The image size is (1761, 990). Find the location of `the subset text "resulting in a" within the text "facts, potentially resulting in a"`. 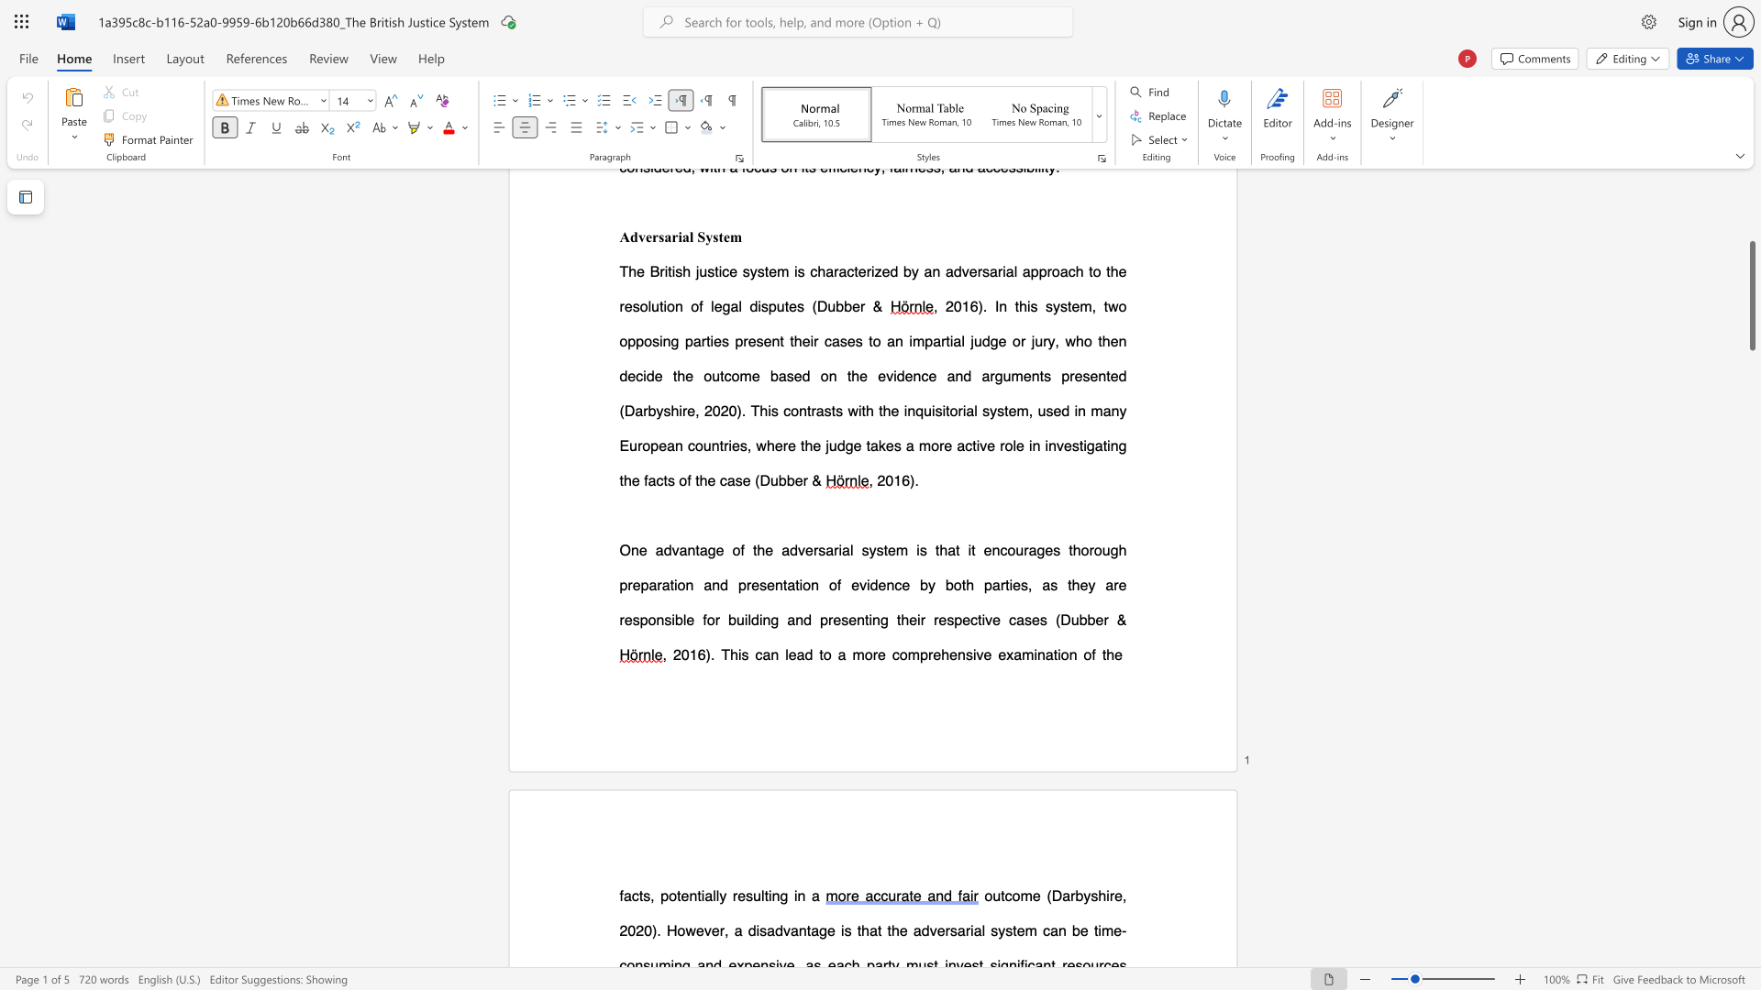

the subset text "resulting in a" within the text "facts, potentially resulting in a" is located at coordinates (731, 895).